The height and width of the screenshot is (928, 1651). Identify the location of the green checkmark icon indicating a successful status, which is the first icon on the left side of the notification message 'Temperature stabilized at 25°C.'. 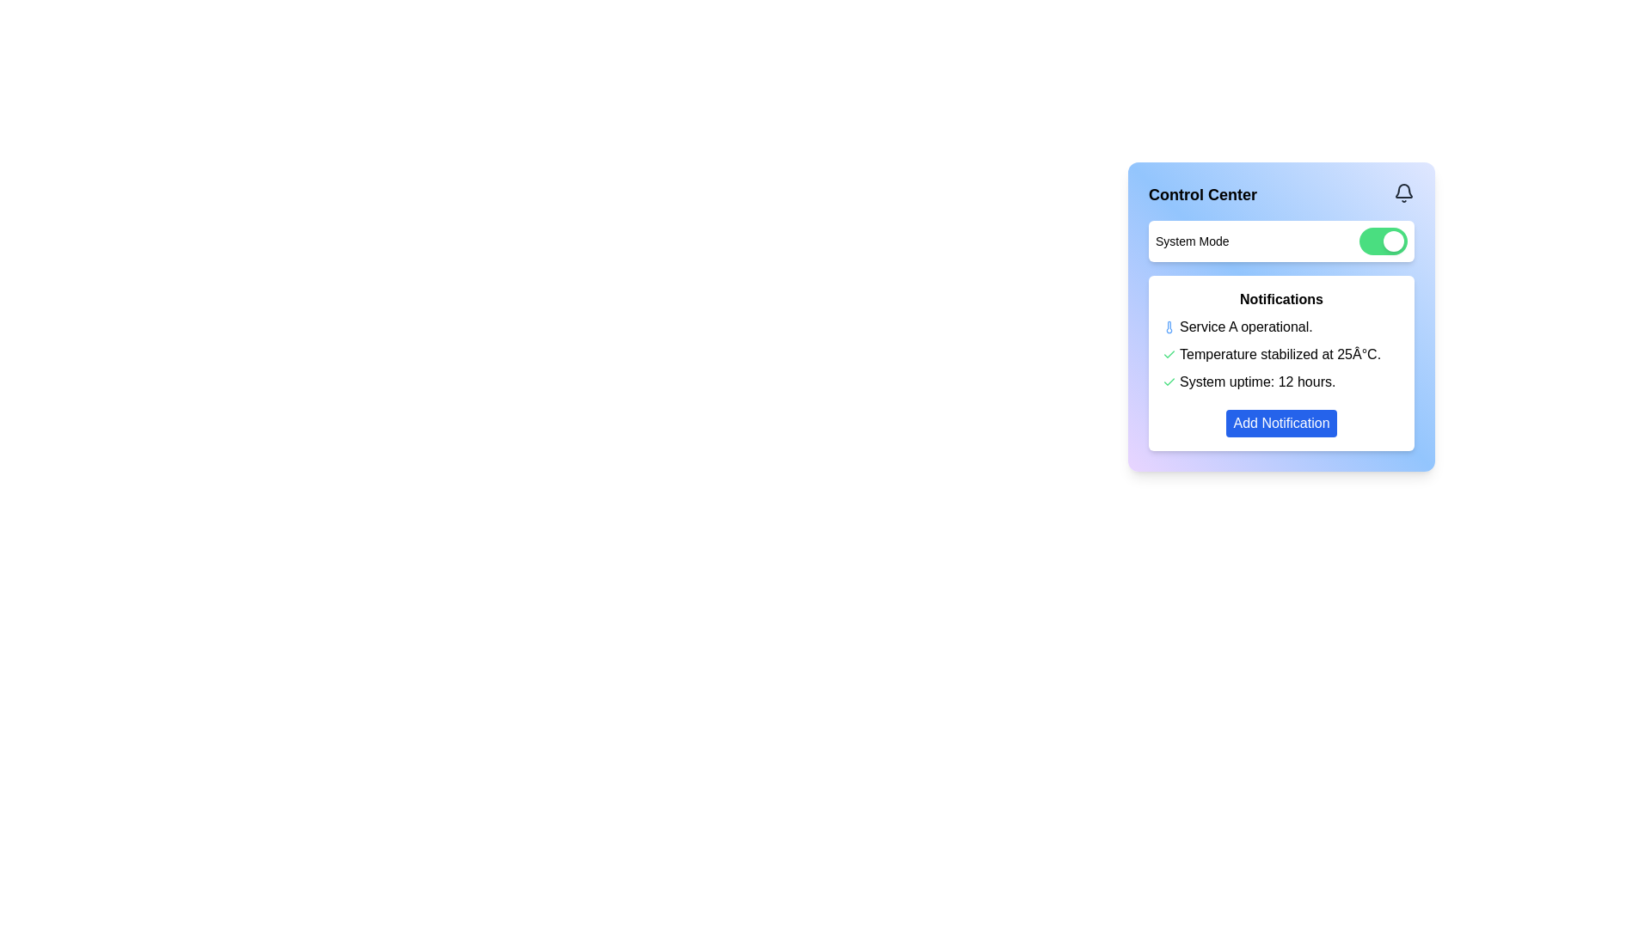
(1169, 353).